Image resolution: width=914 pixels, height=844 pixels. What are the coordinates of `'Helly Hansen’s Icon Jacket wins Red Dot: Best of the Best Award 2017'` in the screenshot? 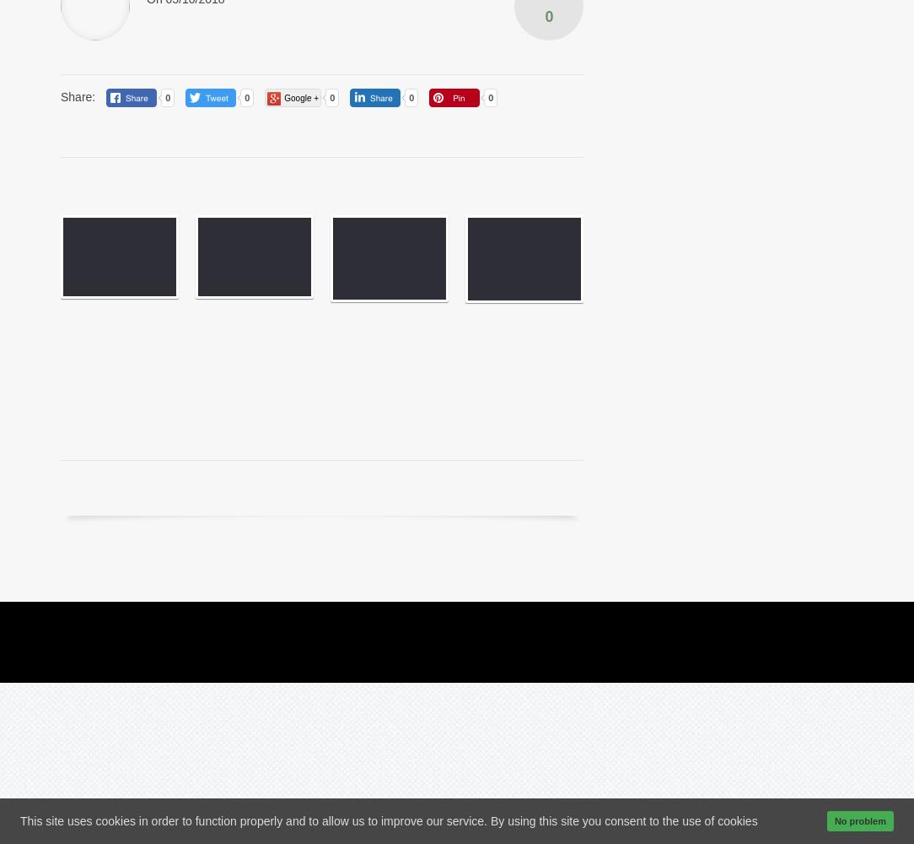 It's located at (245, 348).